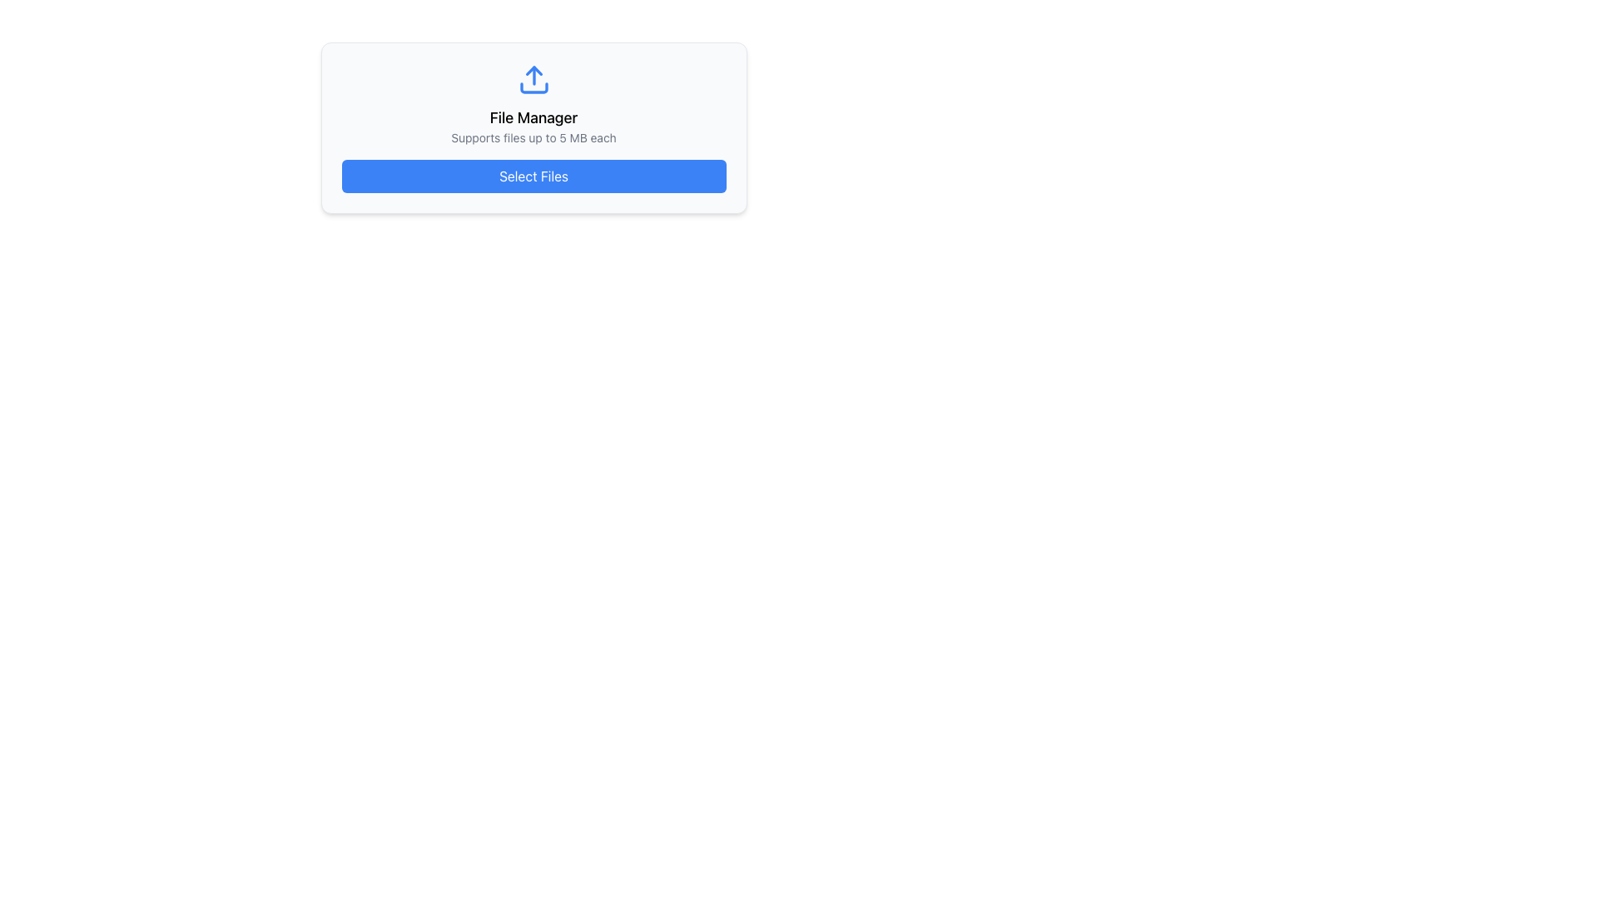  Describe the element at coordinates (533, 117) in the screenshot. I see `the 'File Manager' text label, which is a prominent, bold title located below the file upload icon and above the description about file size limits` at that location.